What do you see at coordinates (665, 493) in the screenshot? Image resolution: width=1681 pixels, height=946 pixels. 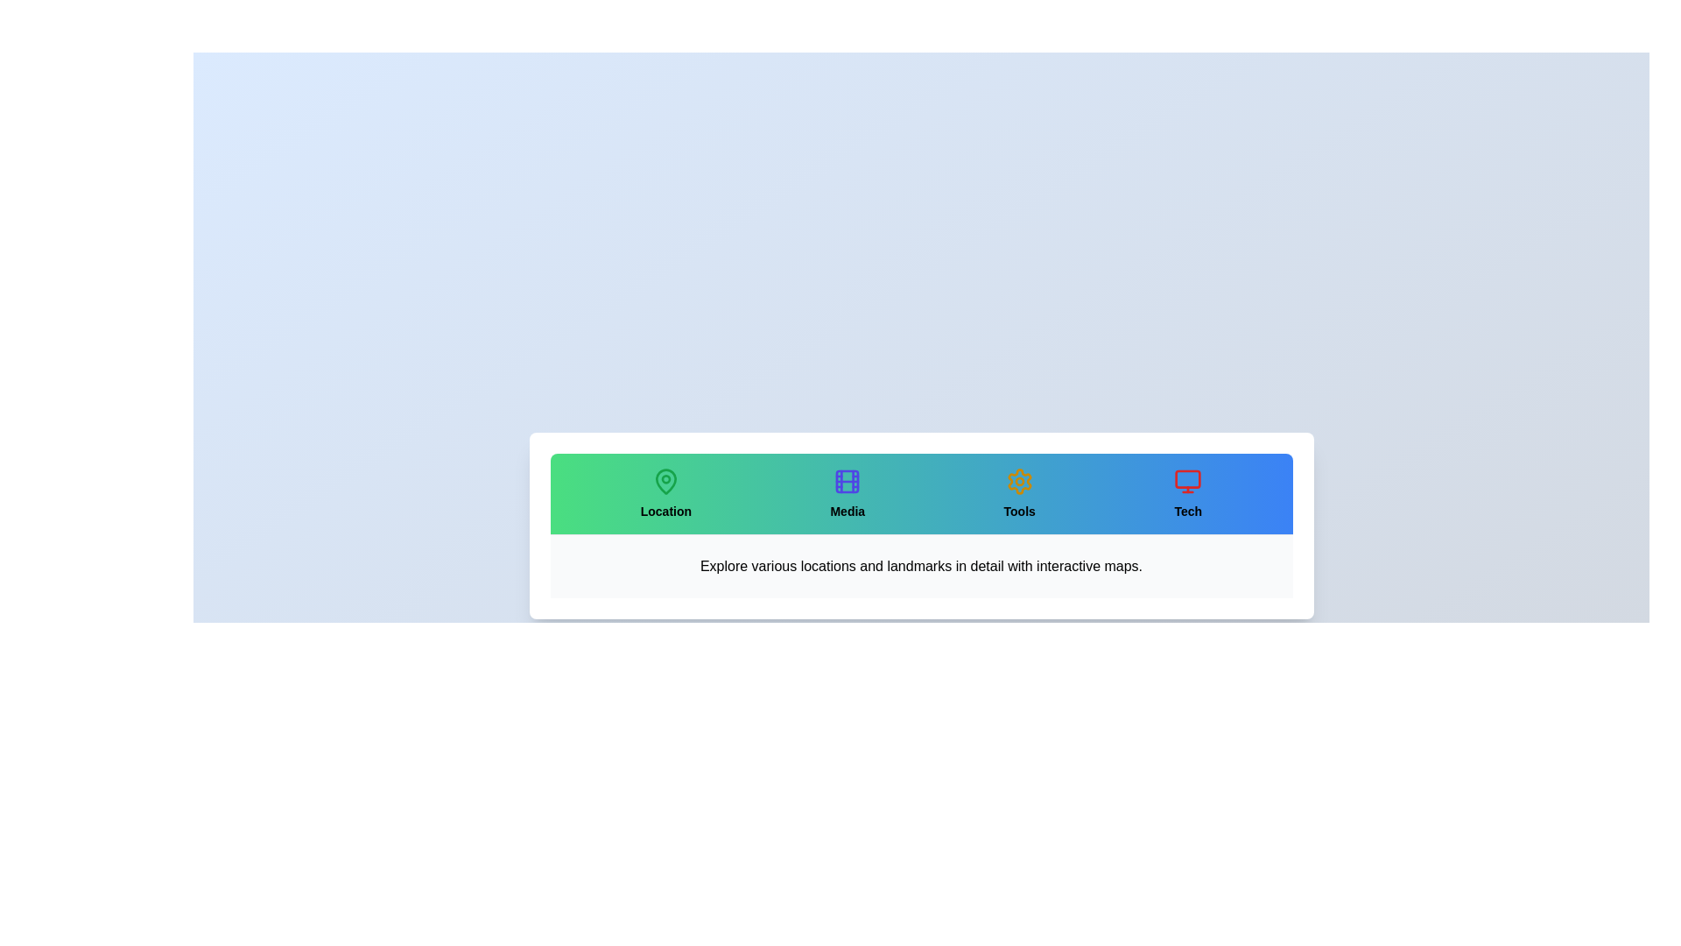 I see `the tab labeled Location to select it` at bounding box center [665, 493].